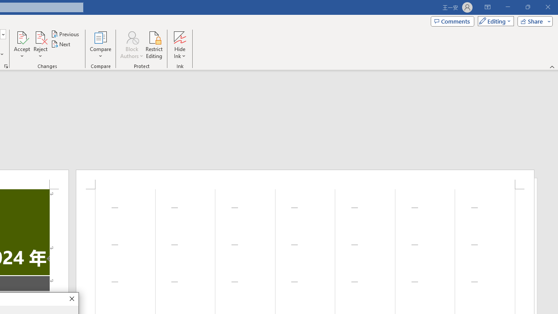 Image resolution: width=558 pixels, height=314 pixels. I want to click on 'Change Tracking Options...', so click(6, 65).